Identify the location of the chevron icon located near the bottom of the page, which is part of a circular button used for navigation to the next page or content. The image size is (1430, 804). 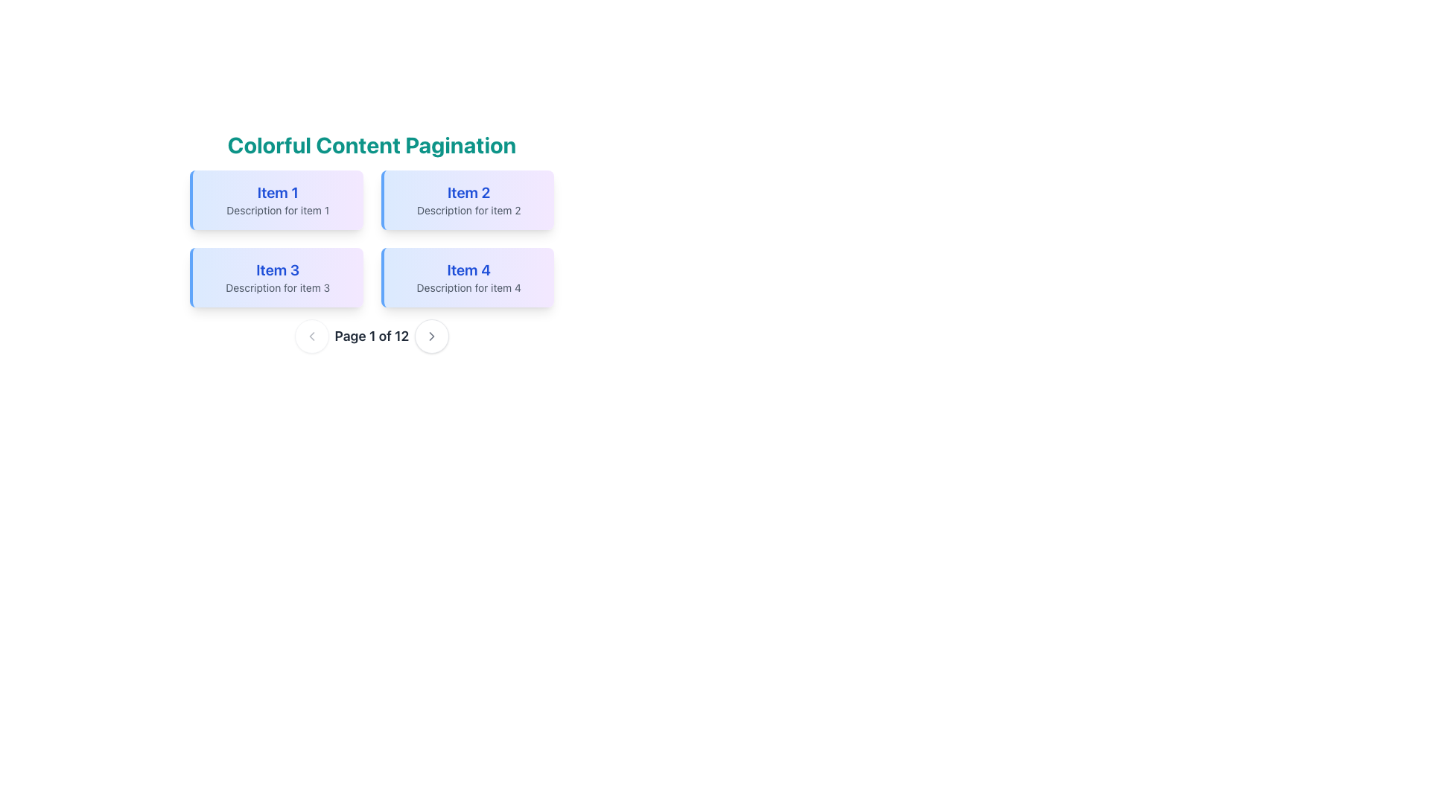
(431, 336).